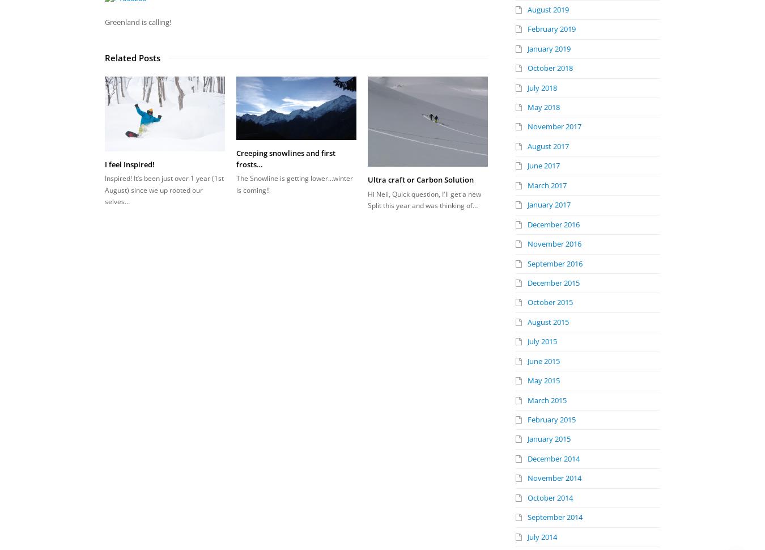 This screenshot has height=550, width=765. I want to click on 'July 2015', so click(542, 341).